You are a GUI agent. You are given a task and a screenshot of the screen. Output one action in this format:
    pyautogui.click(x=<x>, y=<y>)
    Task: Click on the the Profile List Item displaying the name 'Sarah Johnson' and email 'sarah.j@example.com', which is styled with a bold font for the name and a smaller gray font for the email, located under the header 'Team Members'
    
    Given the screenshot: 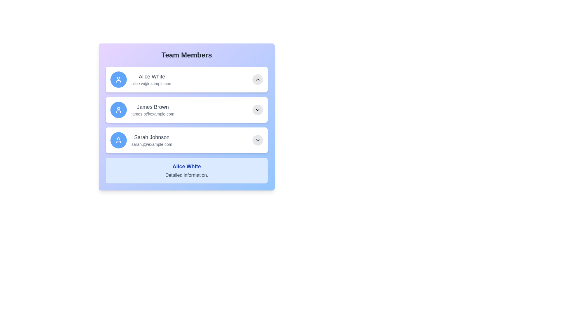 What is the action you would take?
    pyautogui.click(x=141, y=140)
    